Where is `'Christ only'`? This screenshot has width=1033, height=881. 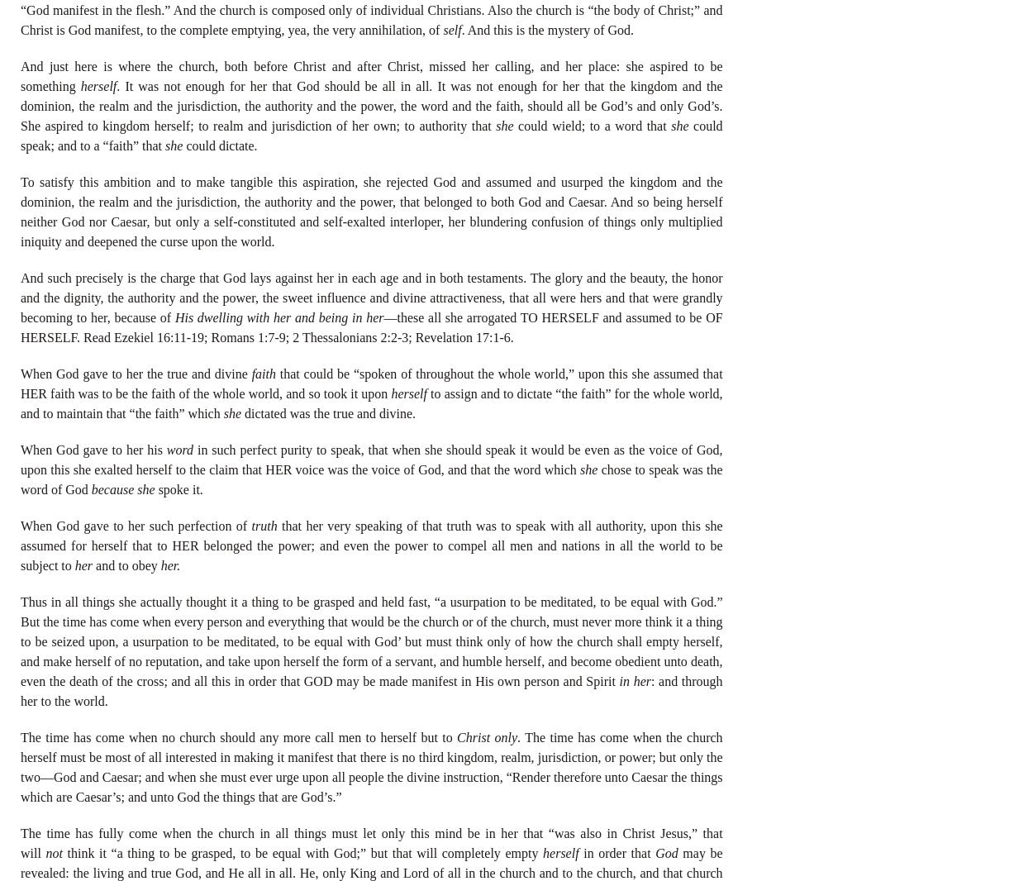 'Christ only' is located at coordinates (486, 736).